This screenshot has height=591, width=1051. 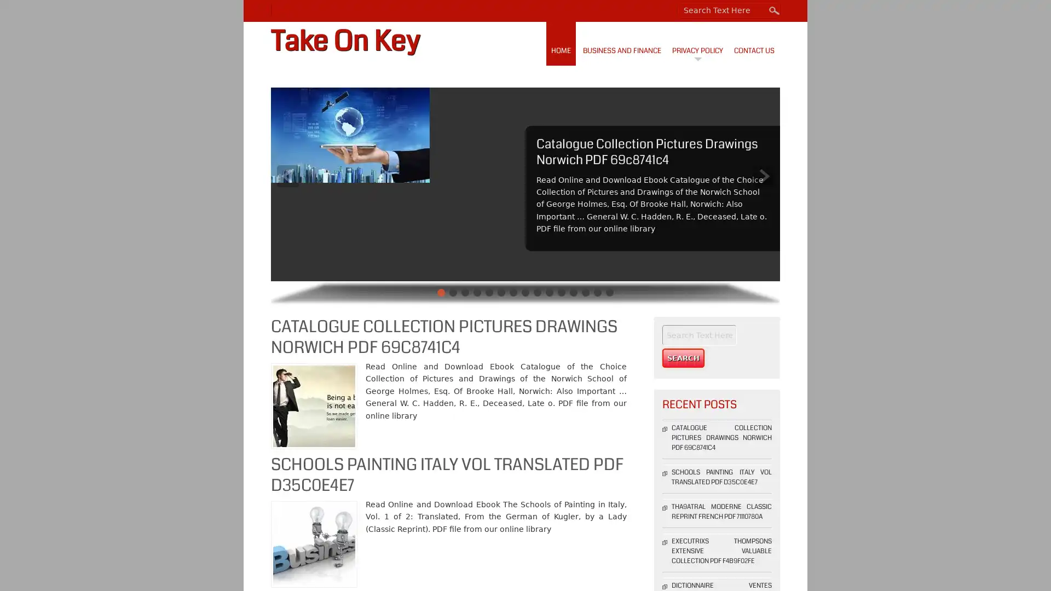 What do you see at coordinates (683, 358) in the screenshot?
I see `Search` at bounding box center [683, 358].